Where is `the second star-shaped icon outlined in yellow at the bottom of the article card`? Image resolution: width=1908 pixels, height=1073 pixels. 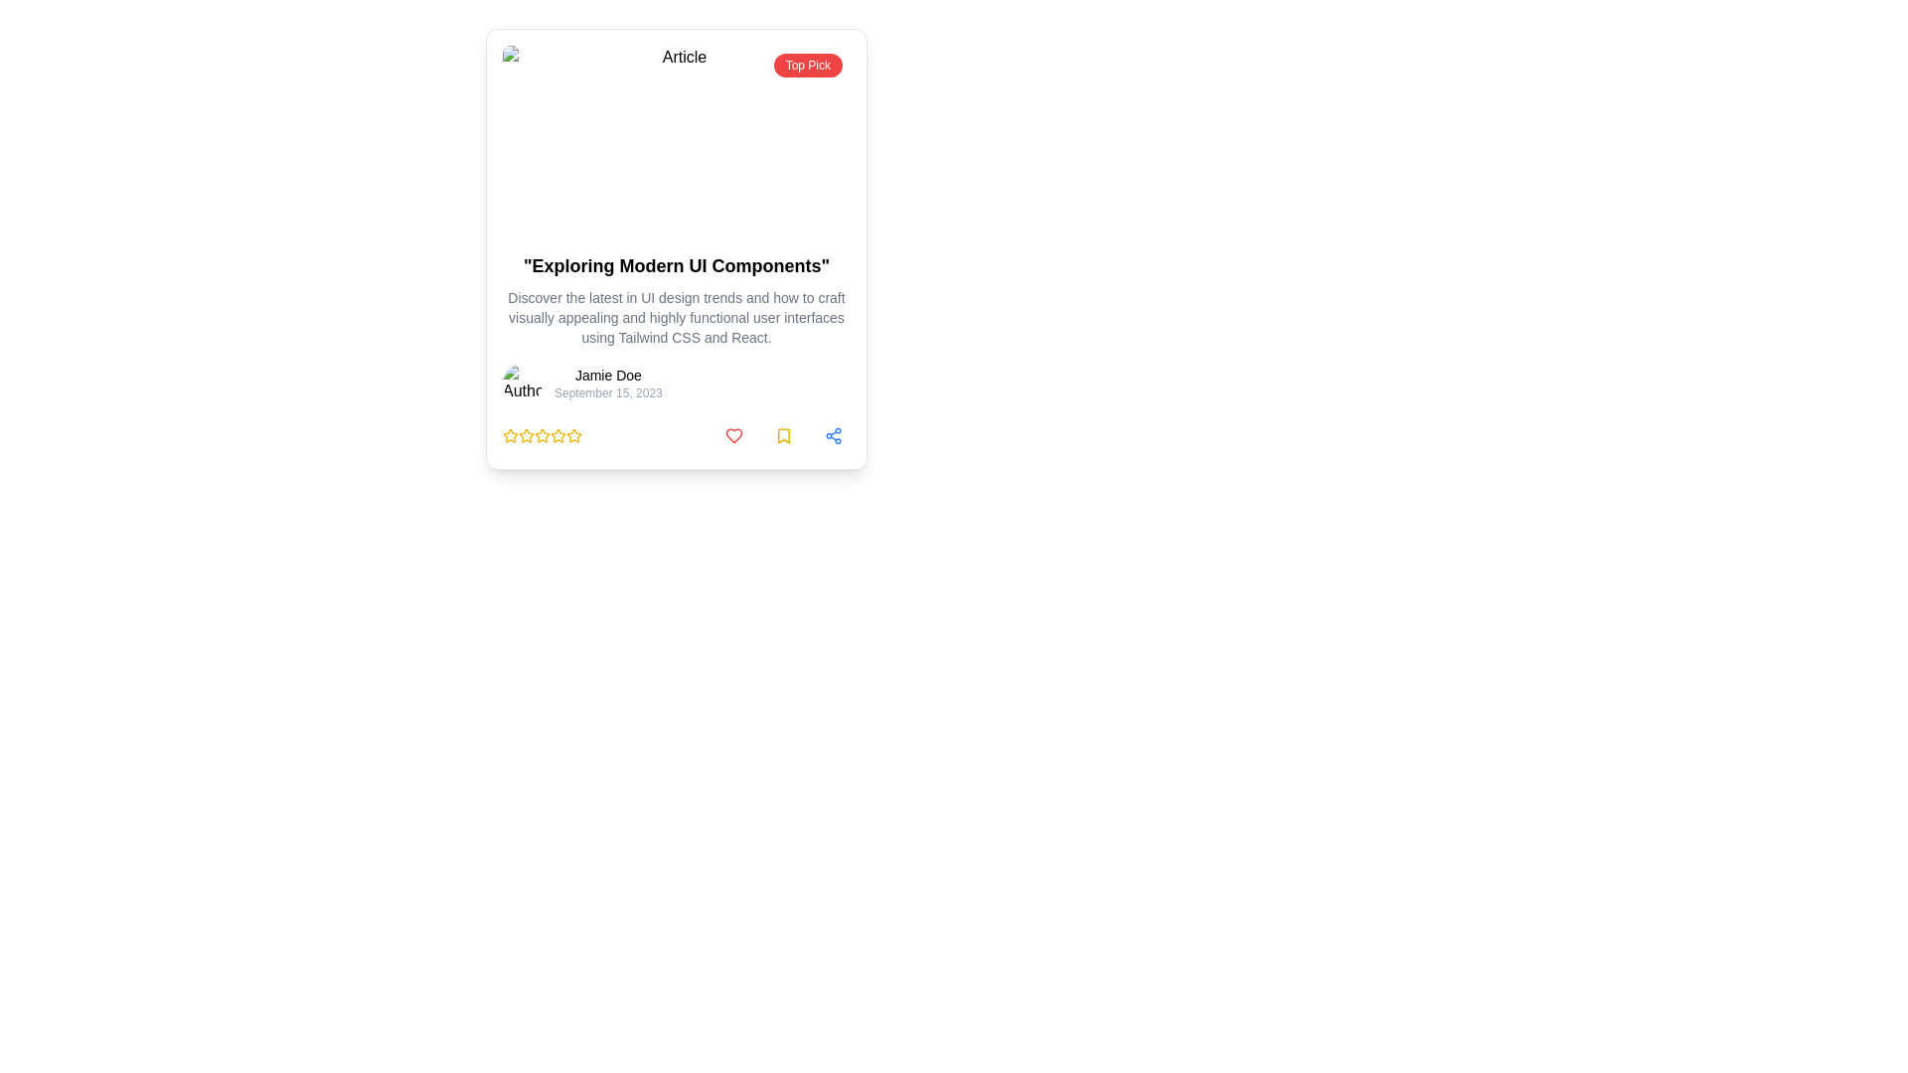
the second star-shaped icon outlined in yellow at the bottom of the article card is located at coordinates (556, 434).